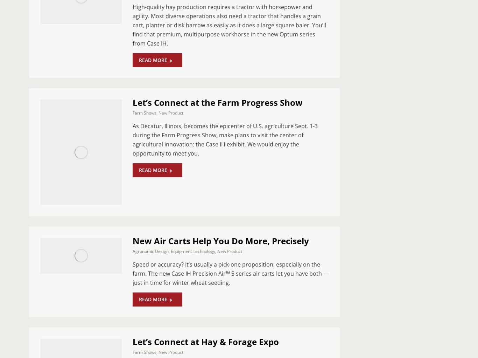  Describe the element at coordinates (150, 251) in the screenshot. I see `'Agronomic Design'` at that location.